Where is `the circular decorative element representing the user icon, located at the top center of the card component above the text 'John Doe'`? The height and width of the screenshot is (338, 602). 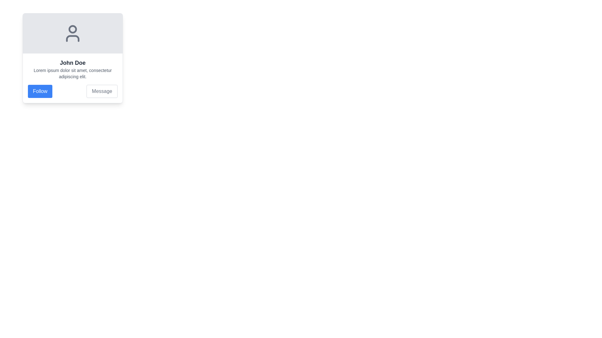
the circular decorative element representing the user icon, located at the top center of the card component above the text 'John Doe' is located at coordinates (72, 29).